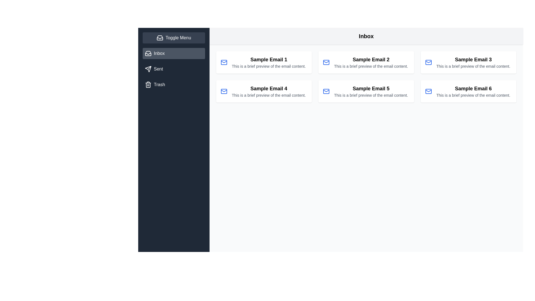 This screenshot has width=535, height=301. What do you see at coordinates (428, 91) in the screenshot?
I see `the email envelope icon located in the first section of the card labeled 'Sample Email 6', positioned in the lower-right corner of the grid layout, aligned to the left before the text 'Sample Email 6'` at bounding box center [428, 91].